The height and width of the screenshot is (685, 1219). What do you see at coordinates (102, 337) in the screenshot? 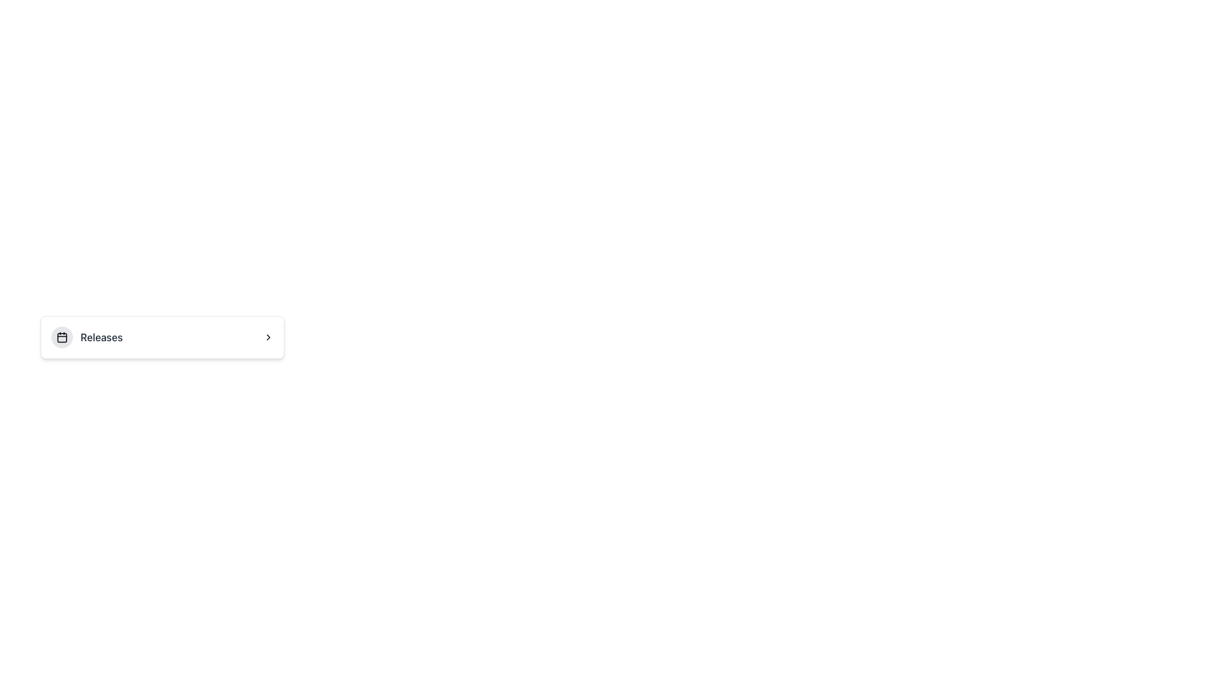
I see `Text Label indicating a section or feature related to releases, positioned to the right of a calendar icon in a horizontal list-like group` at bounding box center [102, 337].